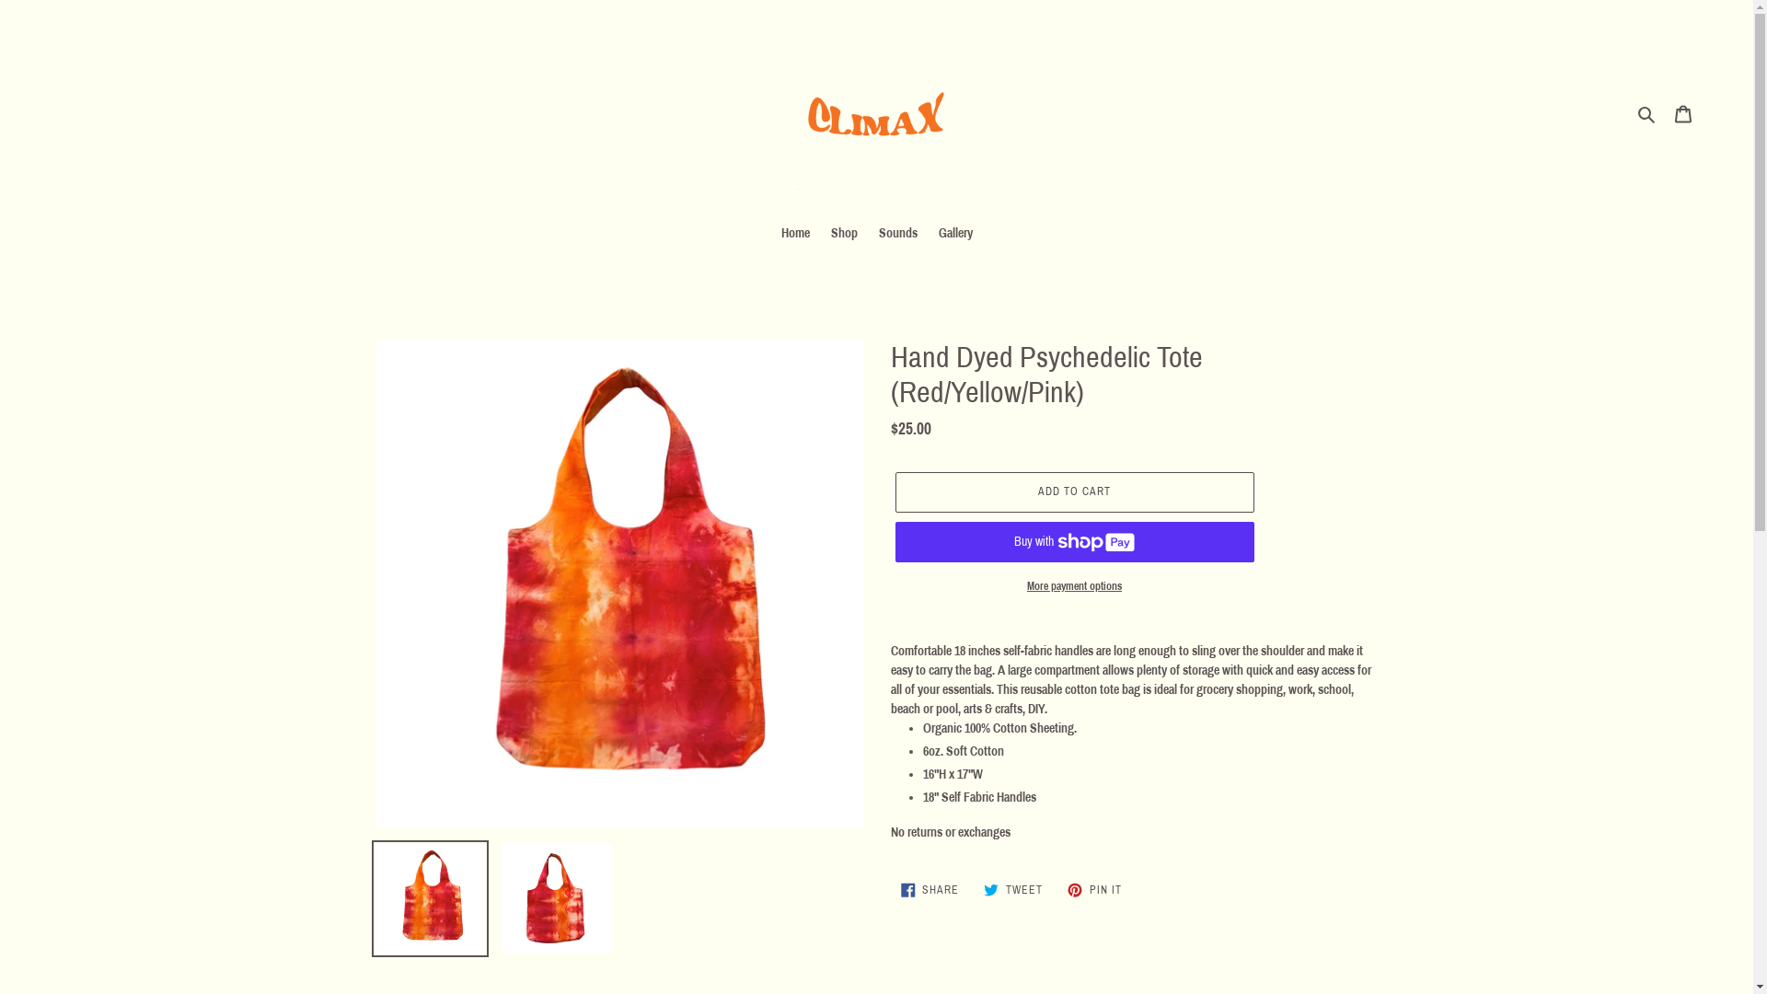 Image resolution: width=1767 pixels, height=994 pixels. I want to click on 'ADD TO CART', so click(1073, 491).